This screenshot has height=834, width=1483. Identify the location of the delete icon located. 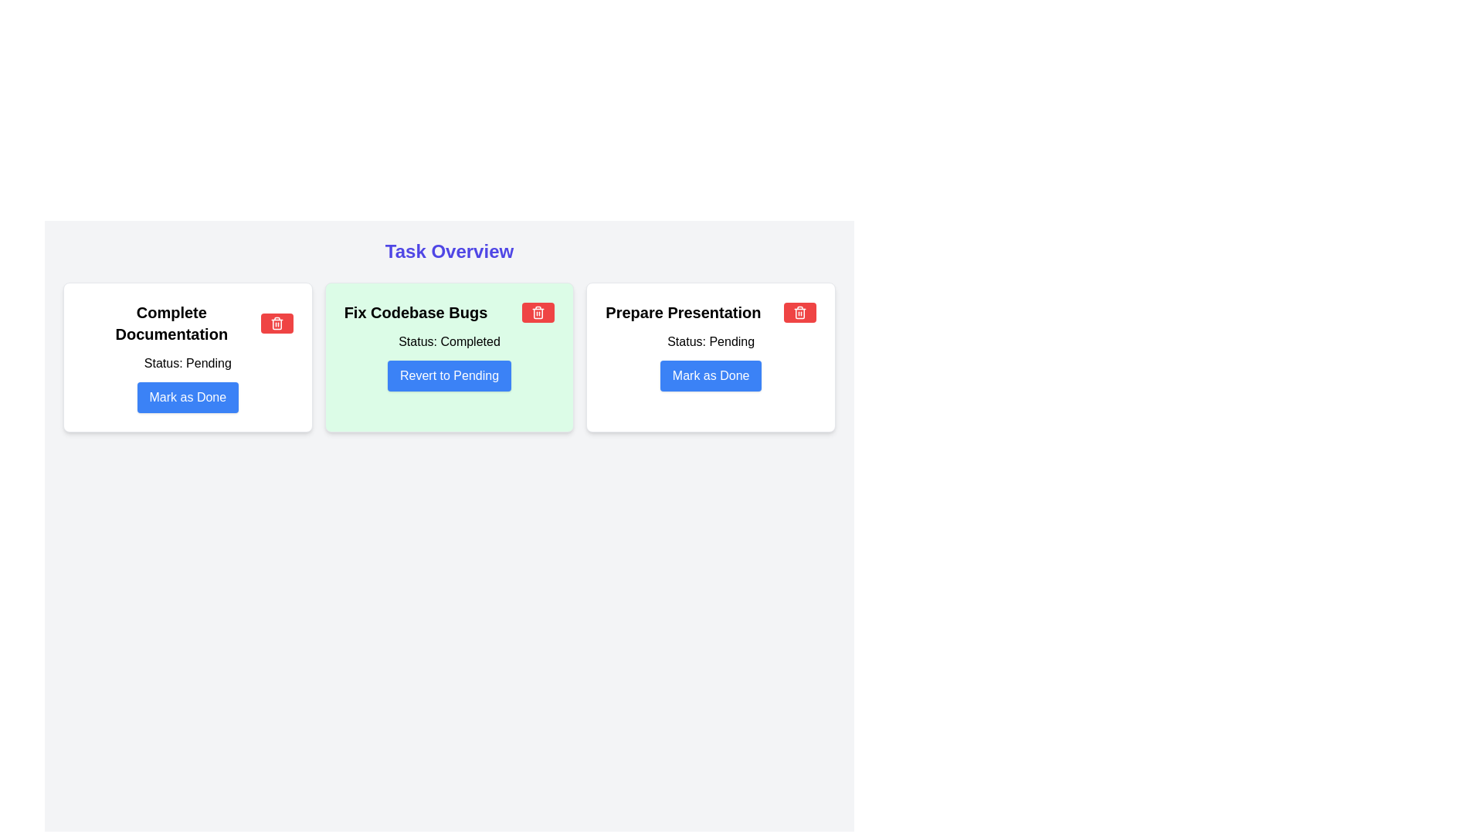
(538, 313).